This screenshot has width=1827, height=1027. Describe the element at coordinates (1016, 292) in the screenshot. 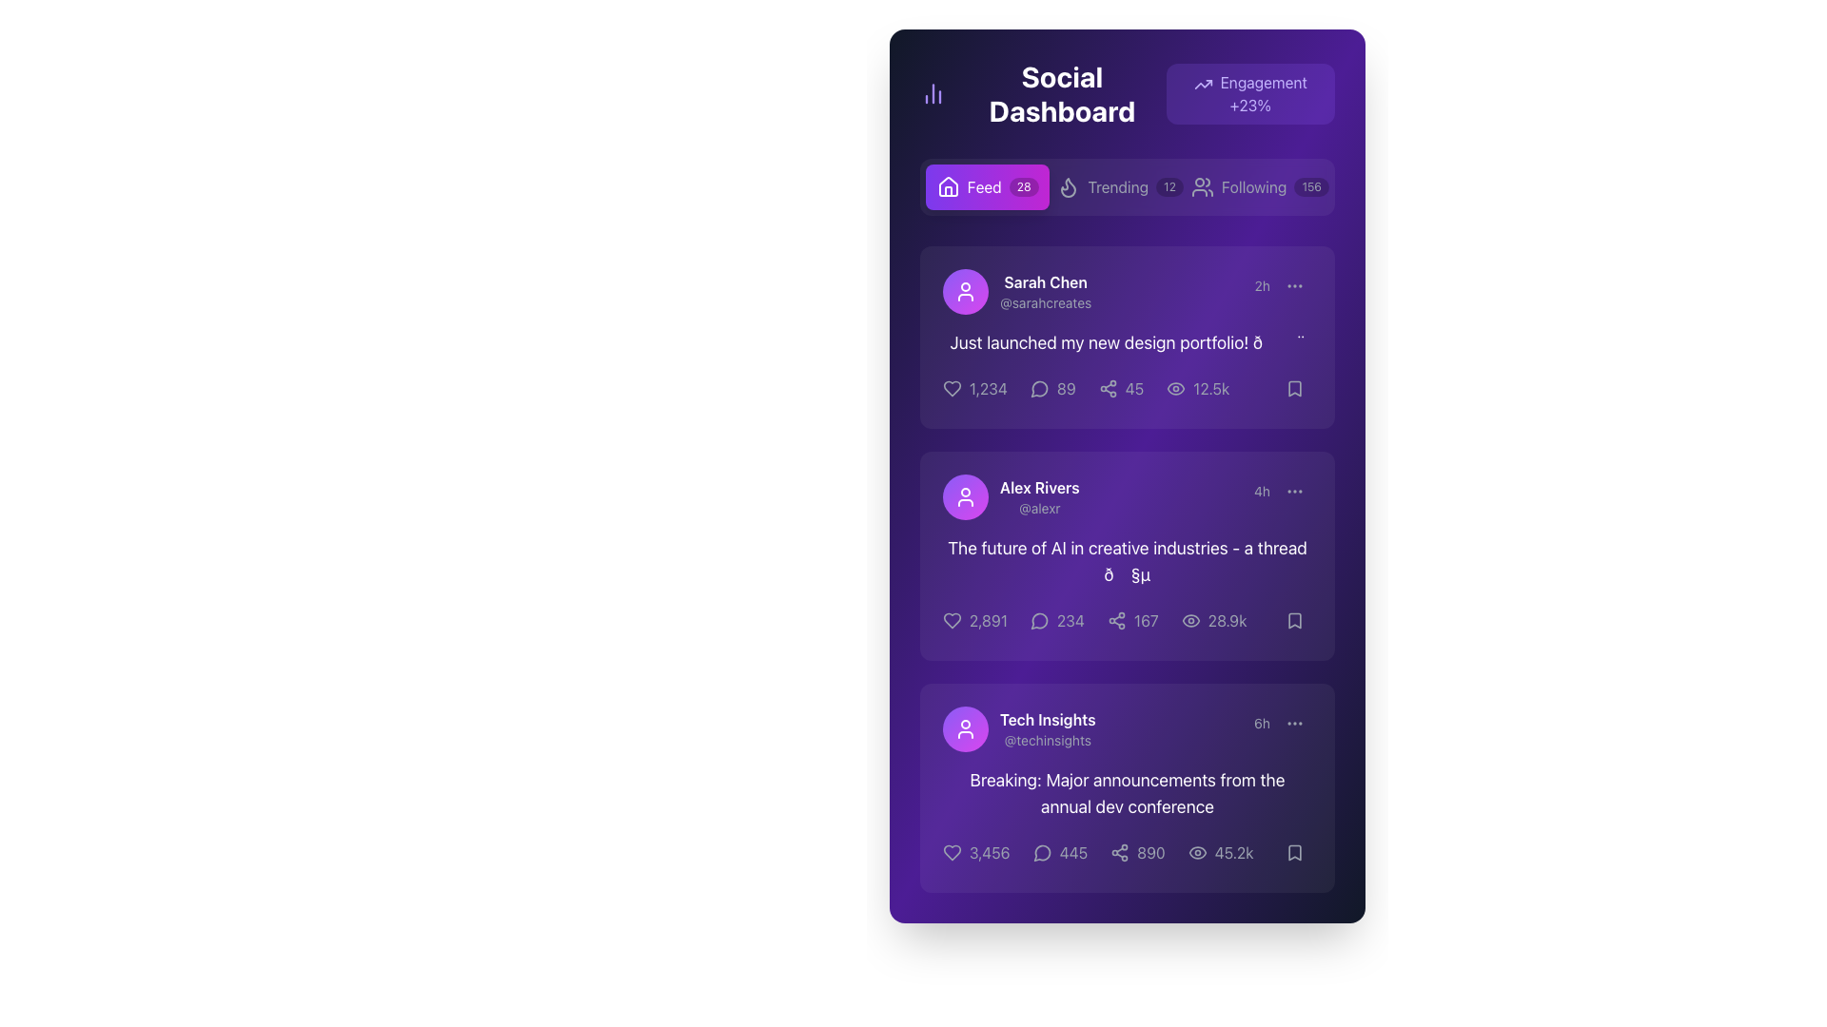

I see `the Profile Header element, which displays the user's name and username` at that location.